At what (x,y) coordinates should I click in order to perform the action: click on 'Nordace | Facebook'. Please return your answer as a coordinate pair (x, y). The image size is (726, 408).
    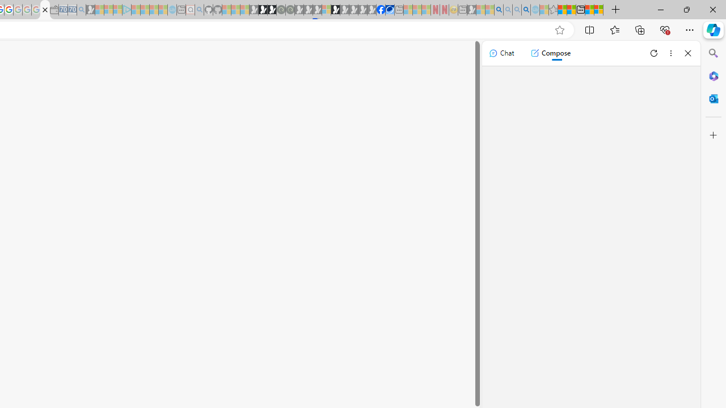
    Looking at the image, I should click on (381, 10).